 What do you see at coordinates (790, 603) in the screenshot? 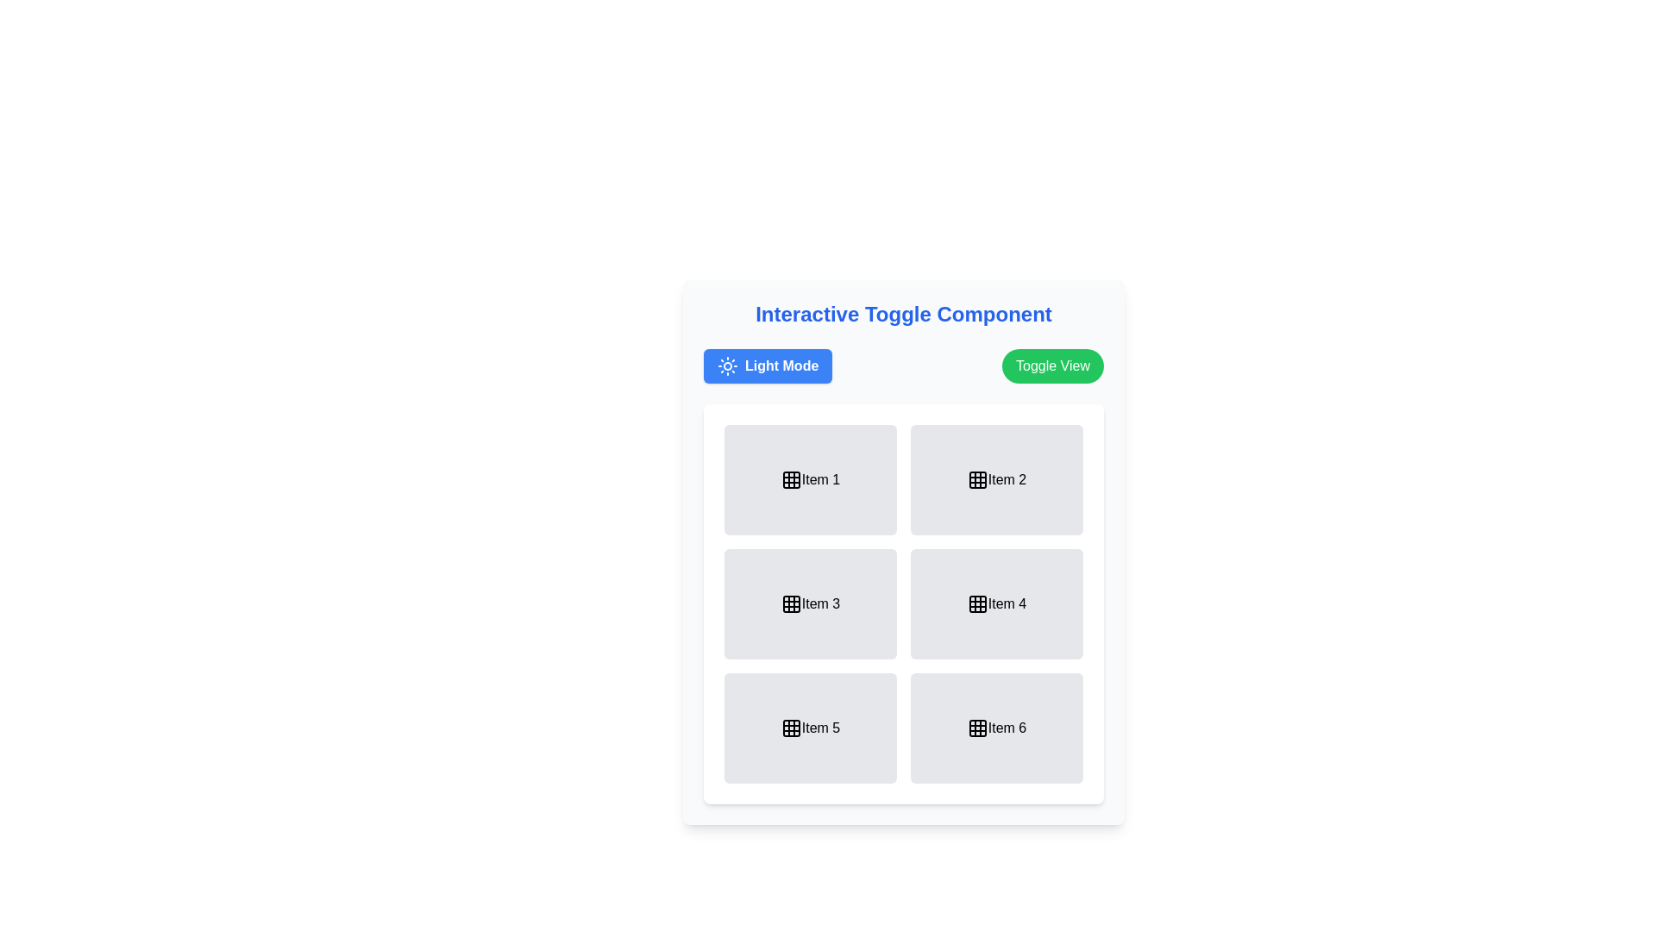
I see `the grid-like icon composed of 3x3 squares with rounded corners, located inside the light gray button labeled 'Item 3'` at bounding box center [790, 603].